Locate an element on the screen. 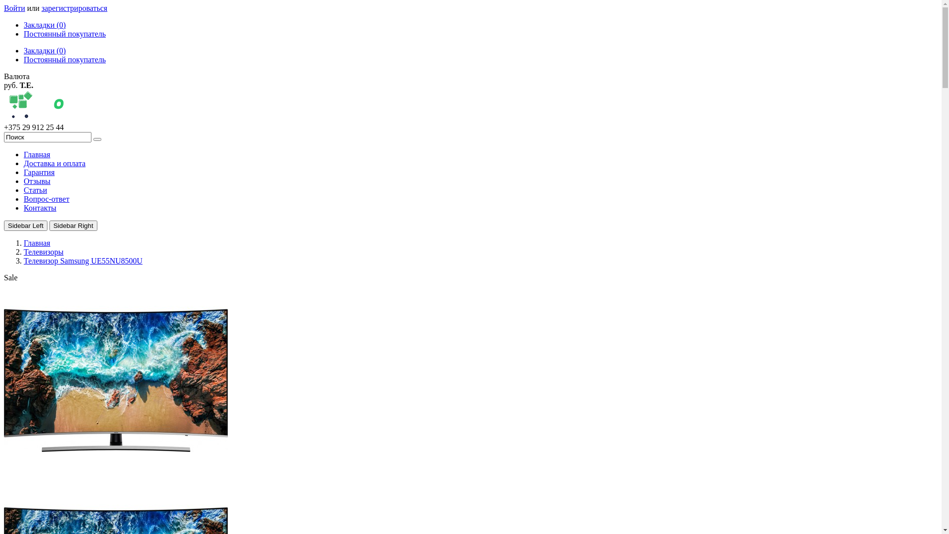 This screenshot has width=949, height=534. 'sotamir.by' is located at coordinates (70, 105).